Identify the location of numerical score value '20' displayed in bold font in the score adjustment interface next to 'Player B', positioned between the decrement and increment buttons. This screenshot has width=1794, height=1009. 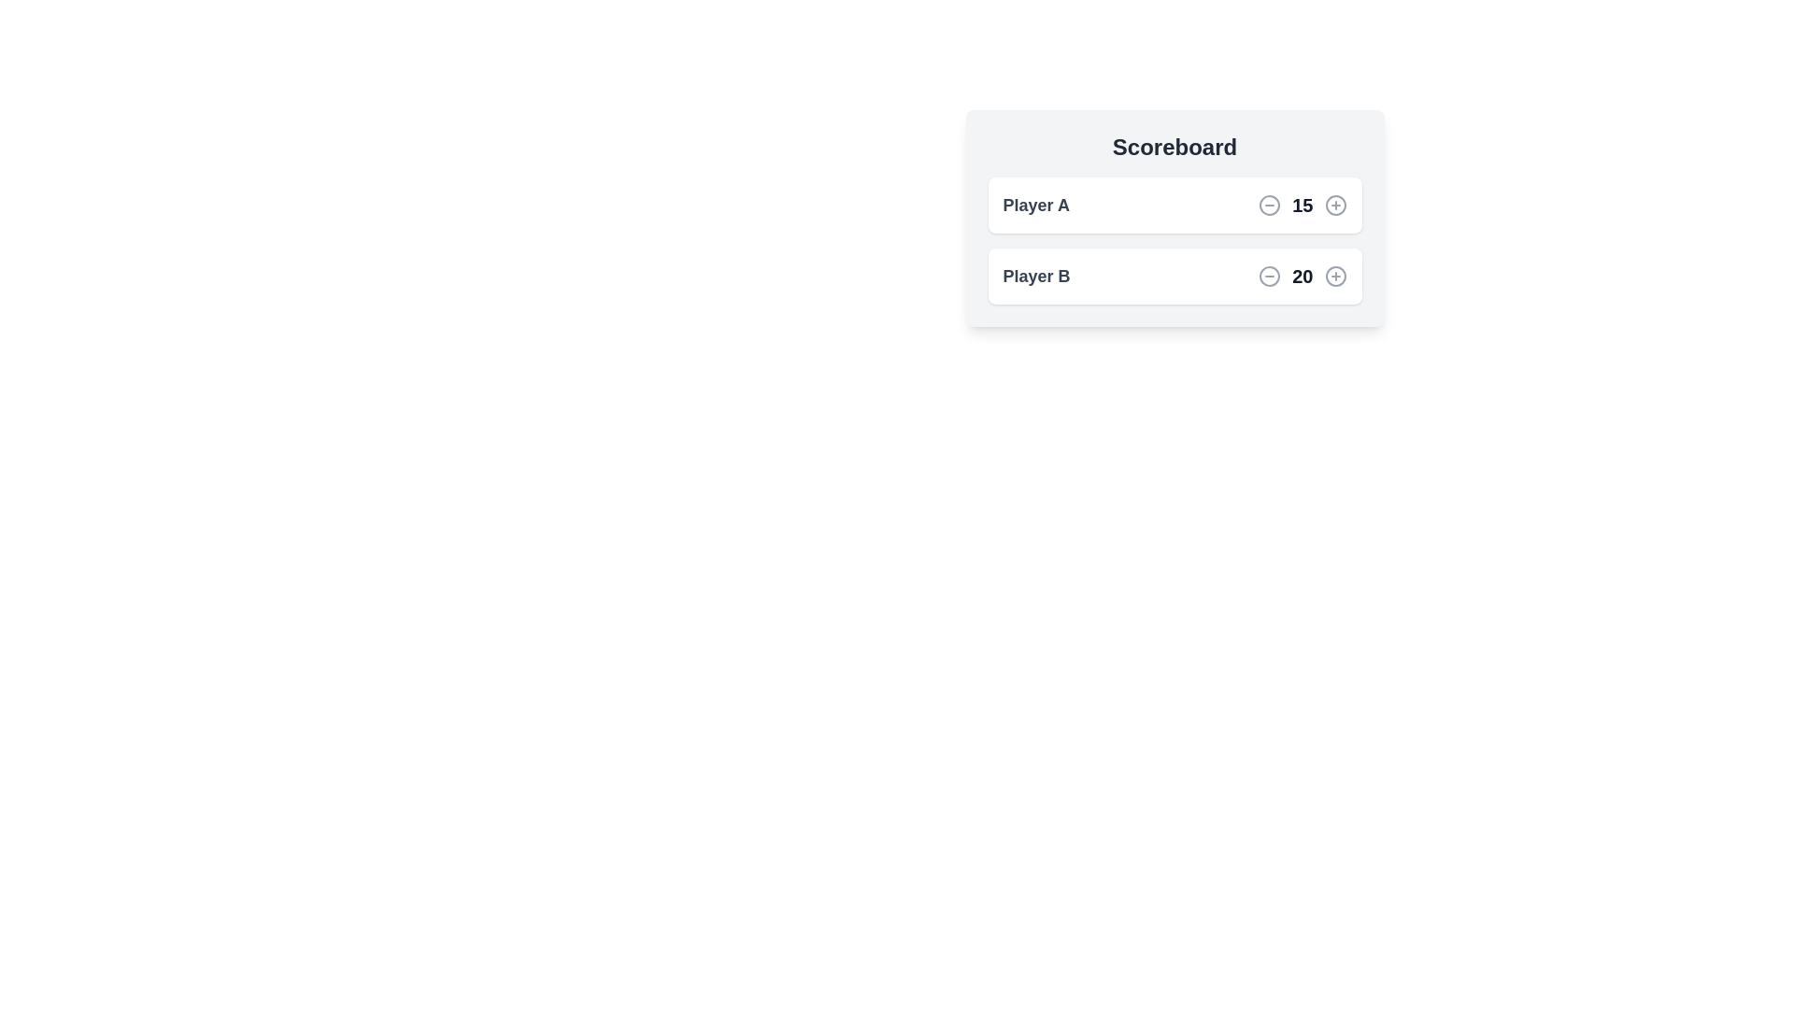
(1302, 277).